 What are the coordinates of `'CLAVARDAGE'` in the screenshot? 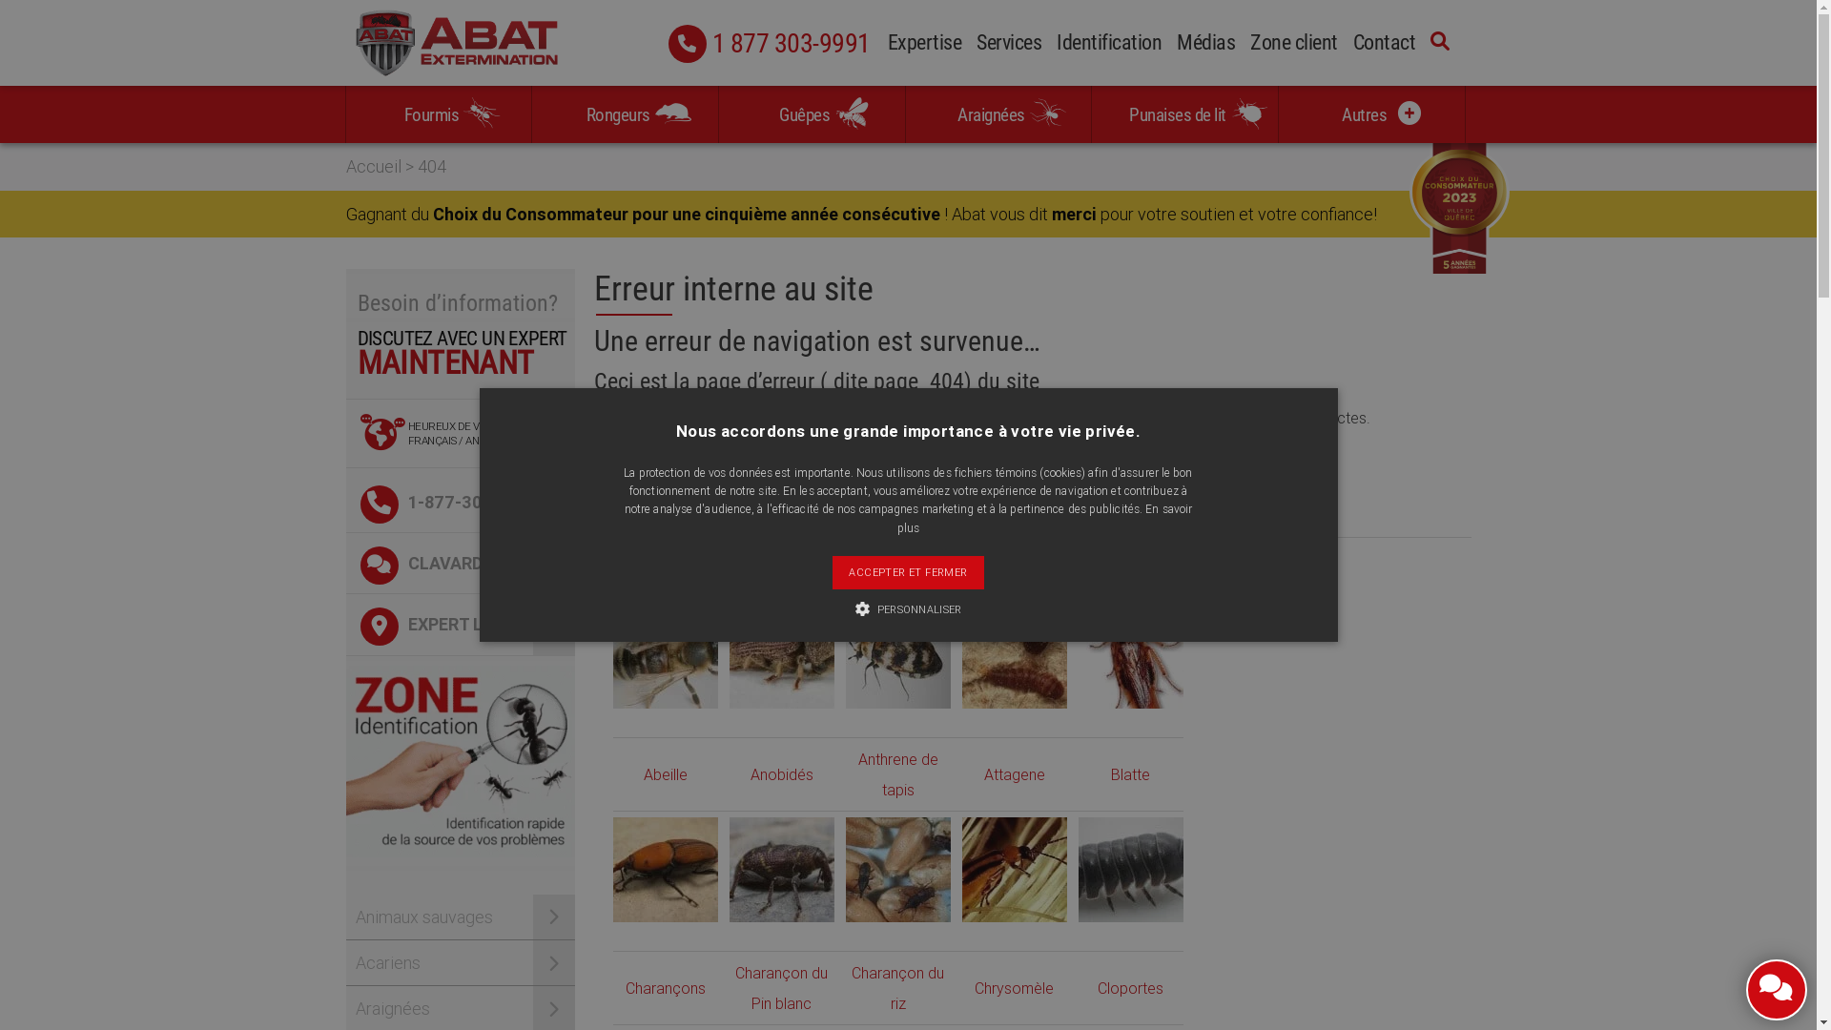 It's located at (459, 562).